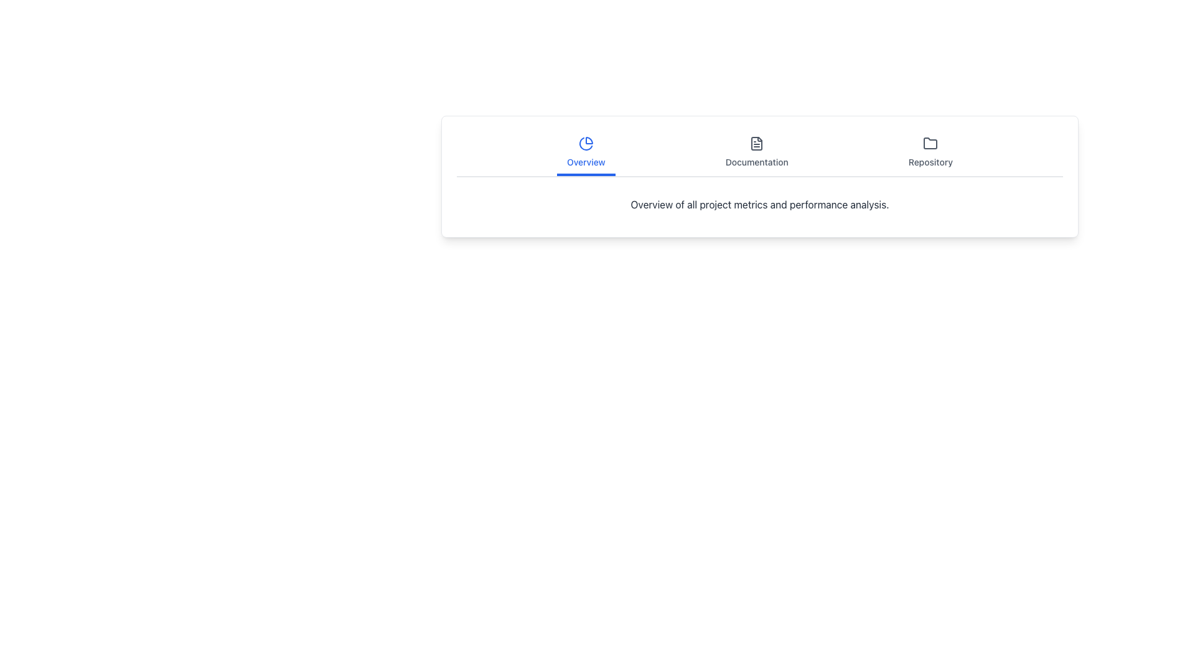 The width and height of the screenshot is (1195, 672). I want to click on the 'Overview' button, which has a pie chart icon above the text and is styled in blue, so click(585, 152).